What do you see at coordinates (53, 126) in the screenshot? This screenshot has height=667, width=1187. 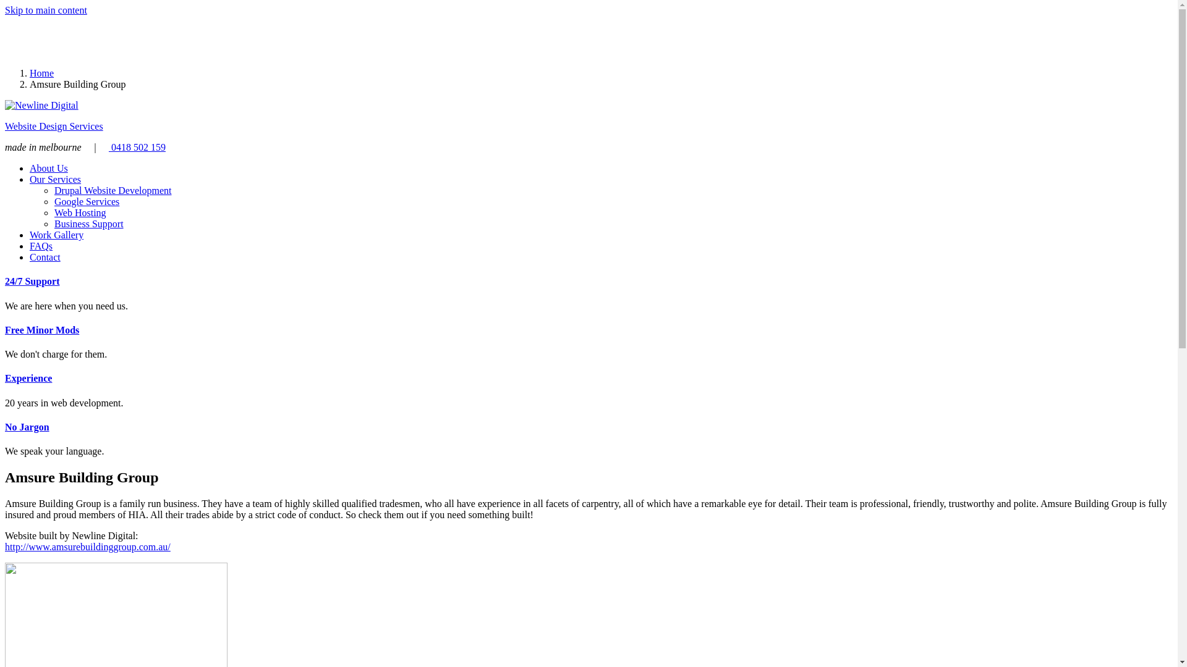 I see `'Website Design Services'` at bounding box center [53, 126].